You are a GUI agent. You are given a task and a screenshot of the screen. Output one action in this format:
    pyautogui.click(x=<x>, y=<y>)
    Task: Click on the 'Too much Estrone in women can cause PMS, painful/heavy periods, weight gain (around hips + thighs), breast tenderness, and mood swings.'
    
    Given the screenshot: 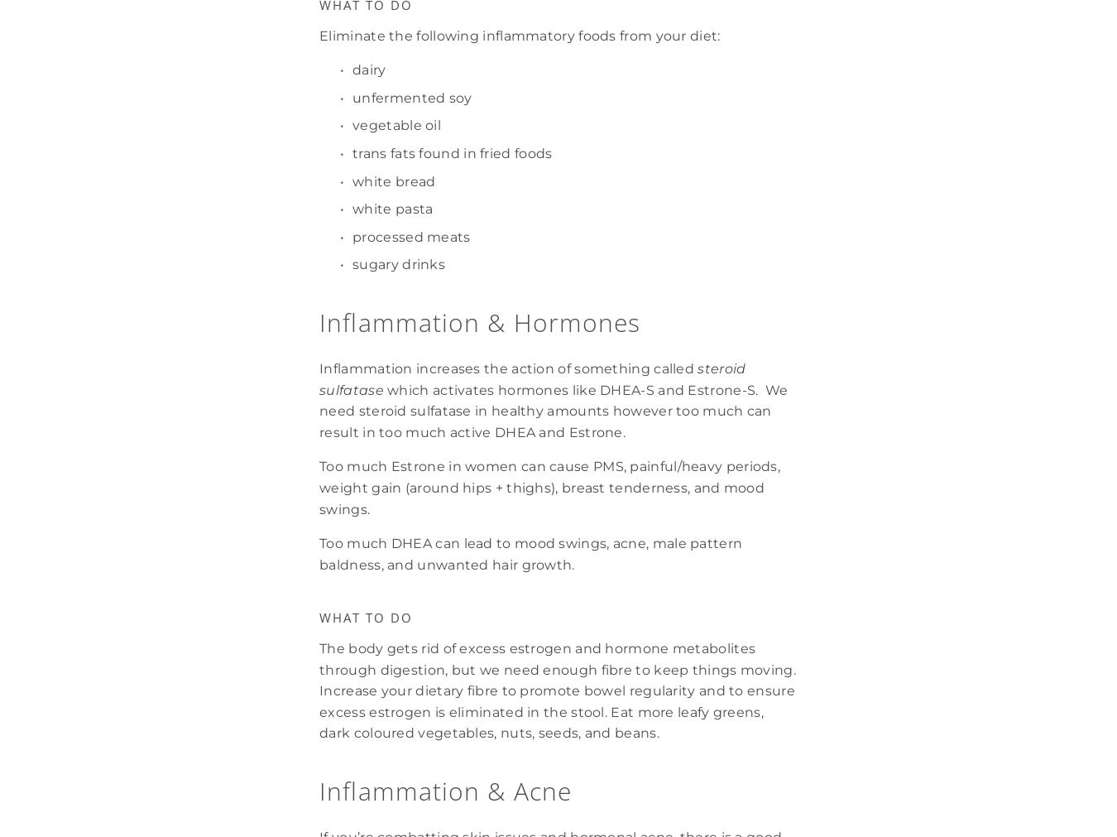 What is the action you would take?
    pyautogui.click(x=551, y=488)
    